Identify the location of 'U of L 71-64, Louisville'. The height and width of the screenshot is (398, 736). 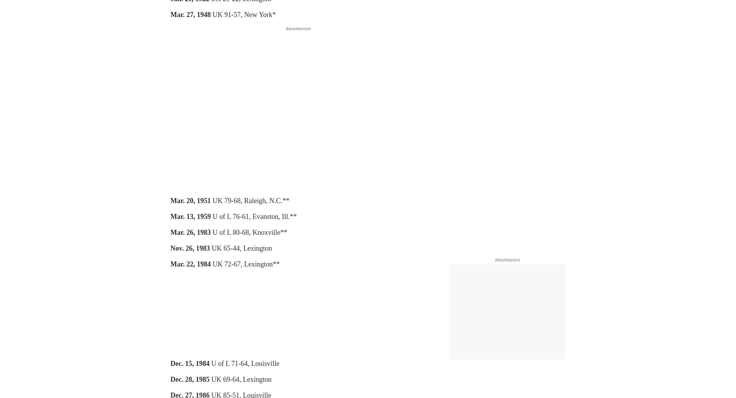
(244, 363).